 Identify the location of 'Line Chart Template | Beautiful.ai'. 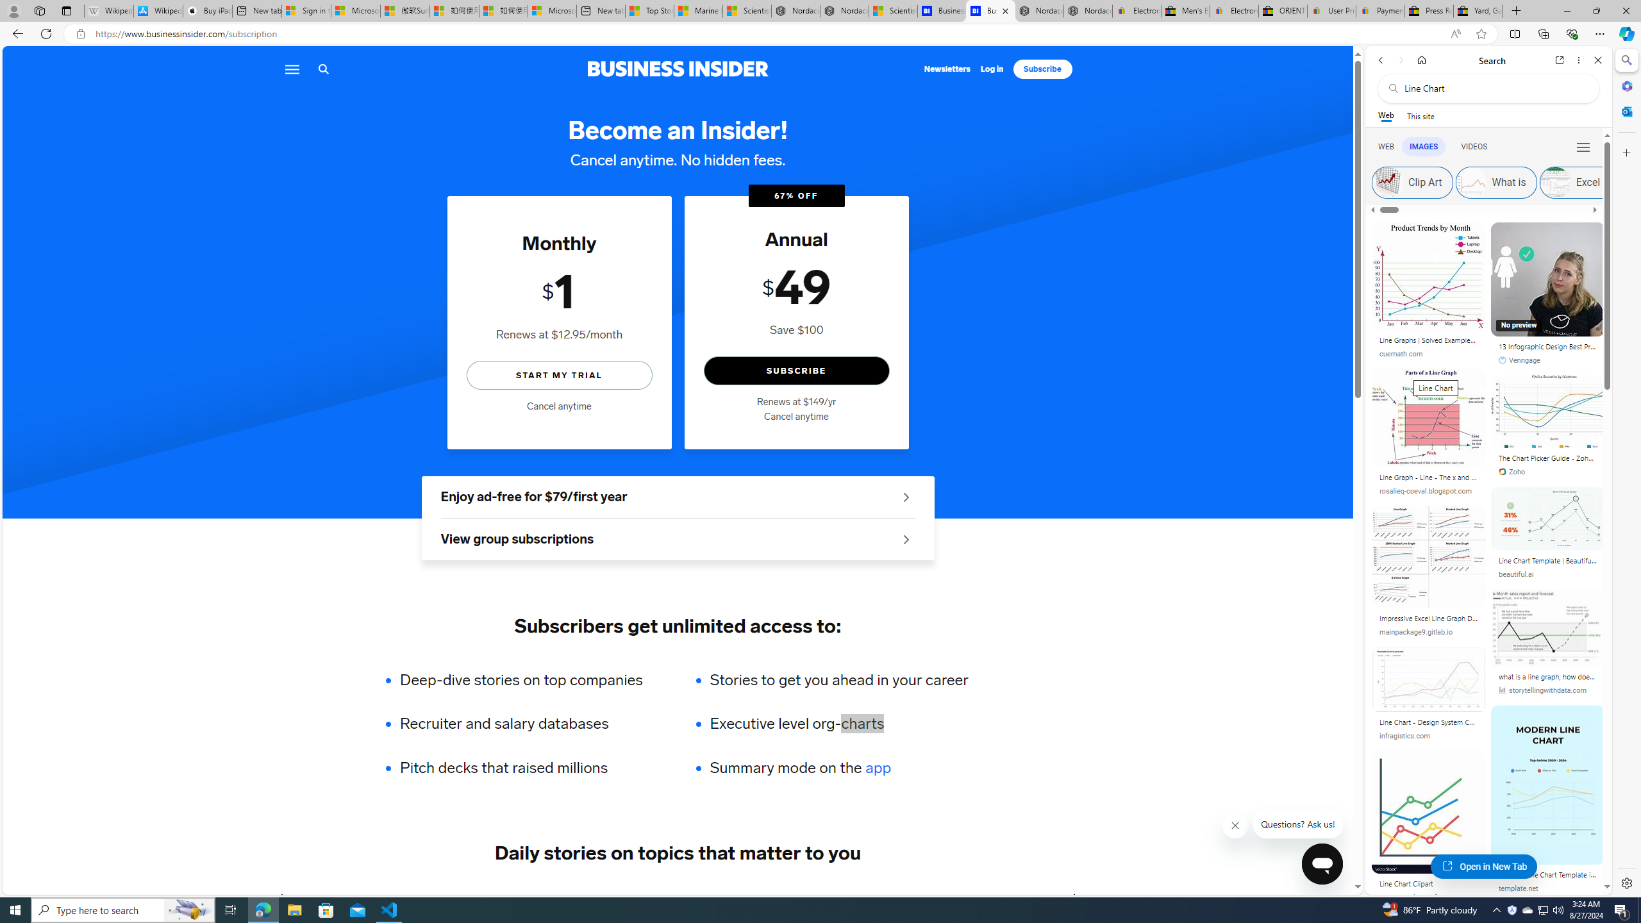
(1547, 562).